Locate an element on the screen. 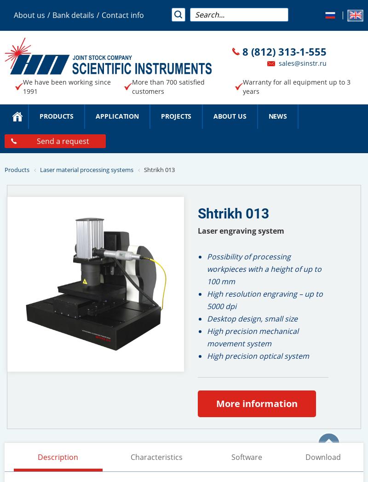 The image size is (368, 482). 'High precision optical system' is located at coordinates (258, 356).